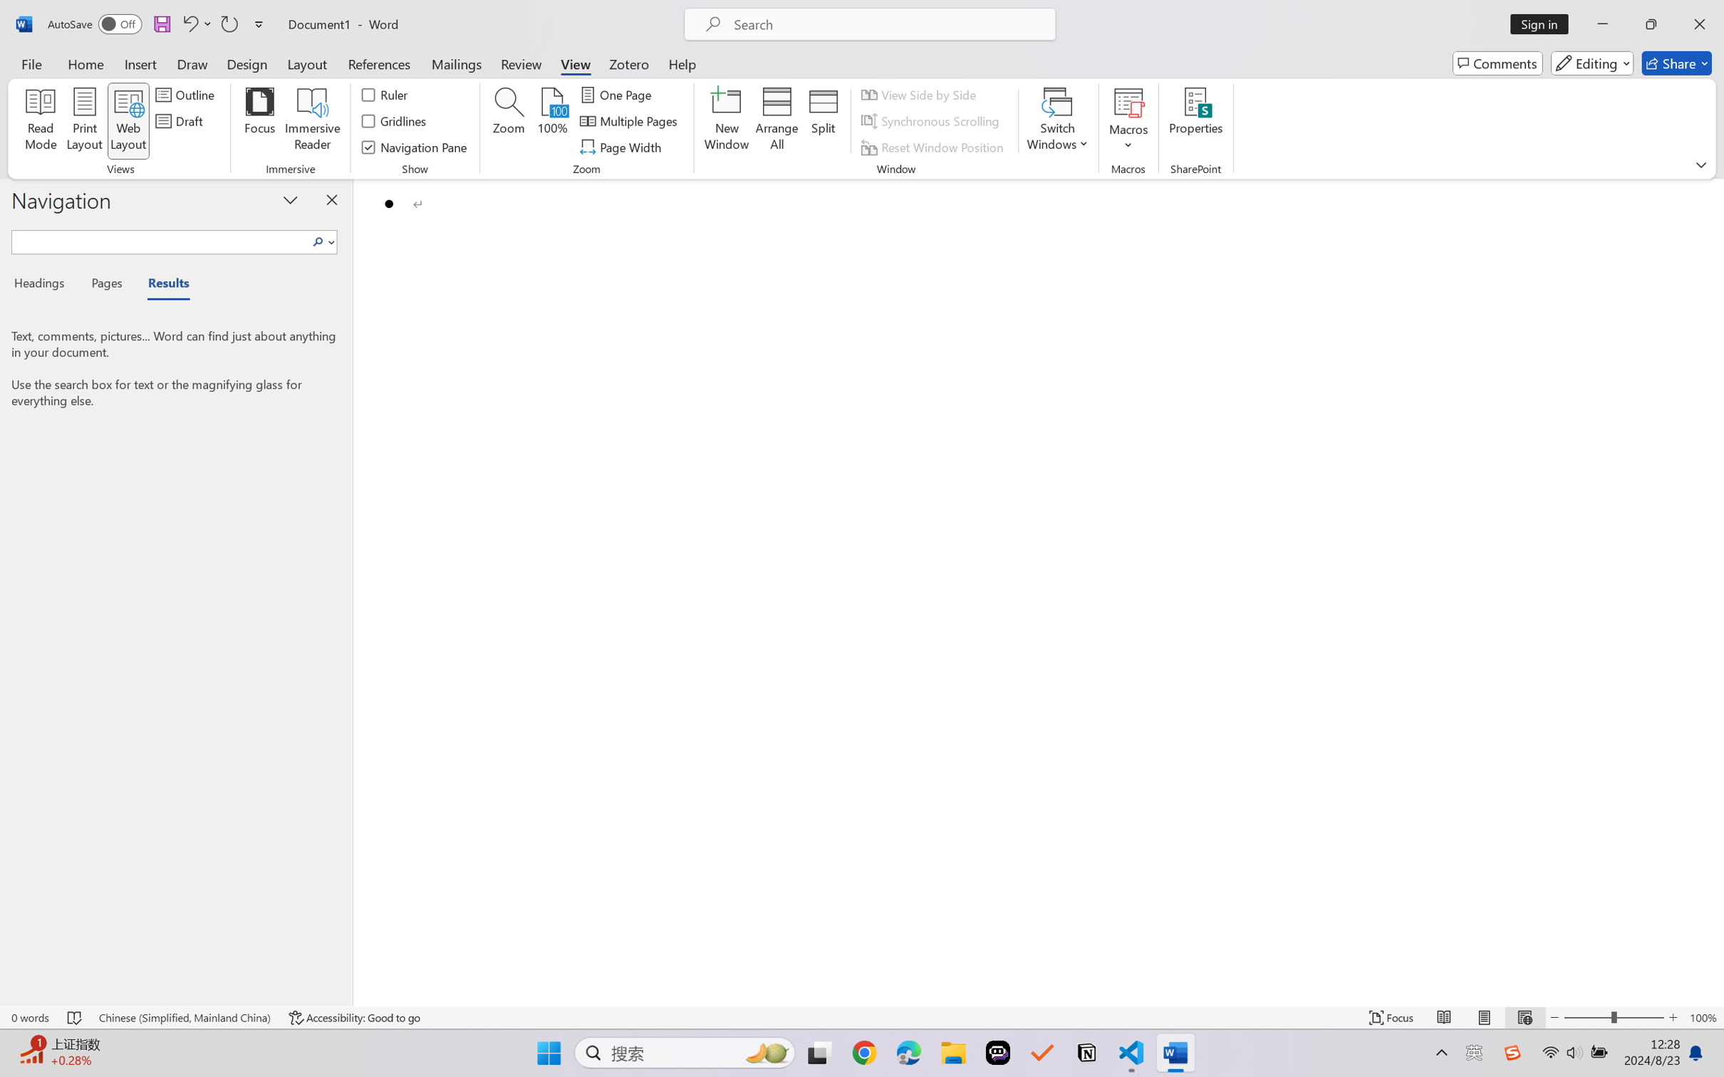 The image size is (1724, 1077). Describe the element at coordinates (920, 93) in the screenshot. I see `'View Side by Side'` at that location.